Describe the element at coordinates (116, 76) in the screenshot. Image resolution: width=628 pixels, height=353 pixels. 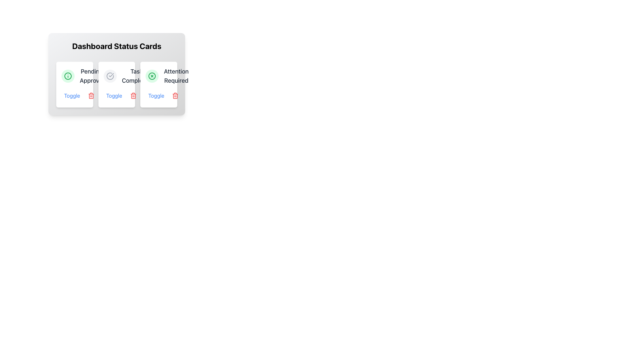
I see `the circular icon with a checkmark inside, located next to the bold text 'Task Completed'` at that location.